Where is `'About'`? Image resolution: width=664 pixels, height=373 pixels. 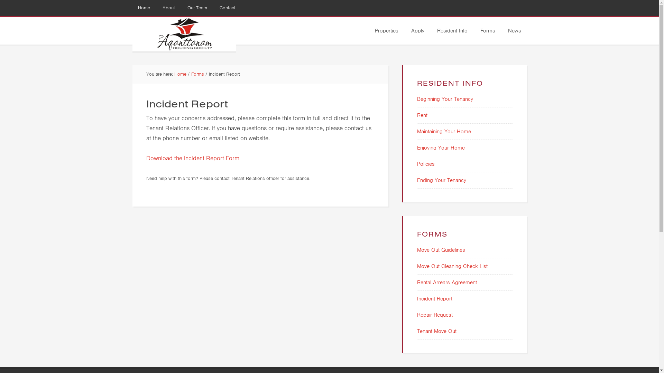
'About' is located at coordinates (169, 8).